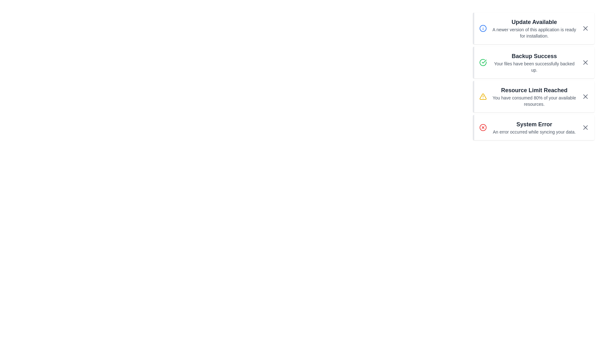  Describe the element at coordinates (533, 76) in the screenshot. I see `the Notification card that informs the user their files have been successfully backed up, located in the top-right corner of the interface, directly below the 'Update Available' notification and above the 'Resource Limit Reached' notification` at that location.